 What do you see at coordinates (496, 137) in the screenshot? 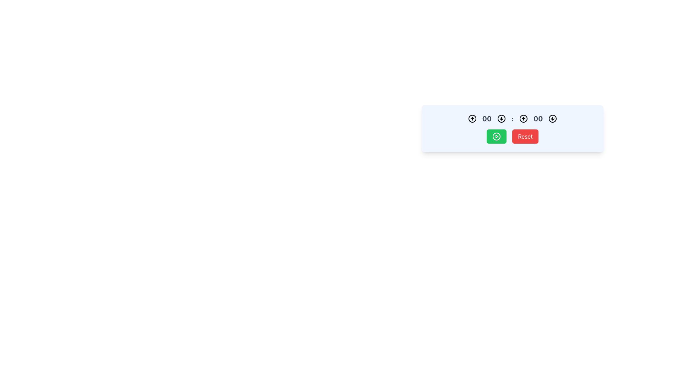
I see `the Icon Button located in the lower portion of the interface` at bounding box center [496, 137].